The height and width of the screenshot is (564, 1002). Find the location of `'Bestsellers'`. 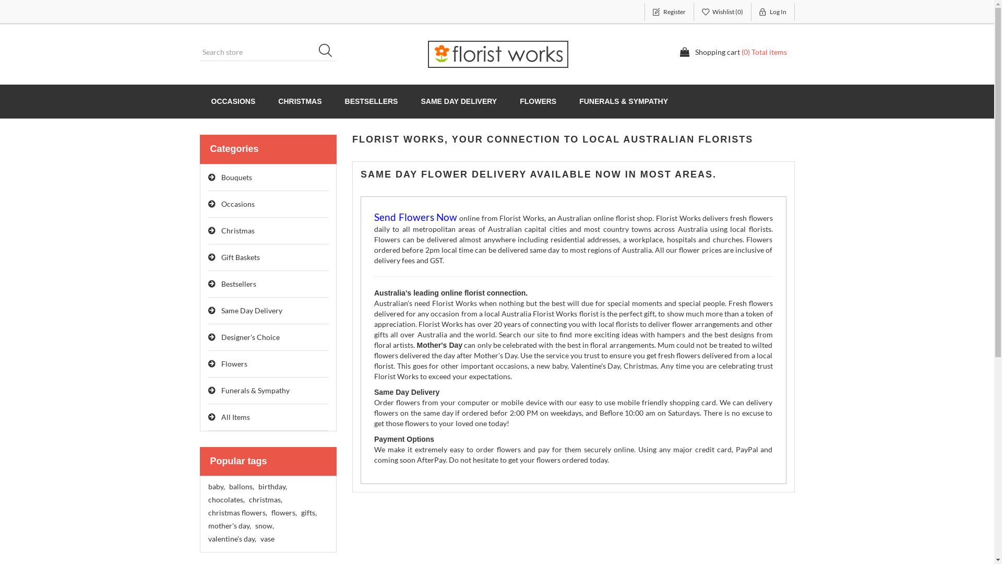

'Bestsellers' is located at coordinates (268, 284).